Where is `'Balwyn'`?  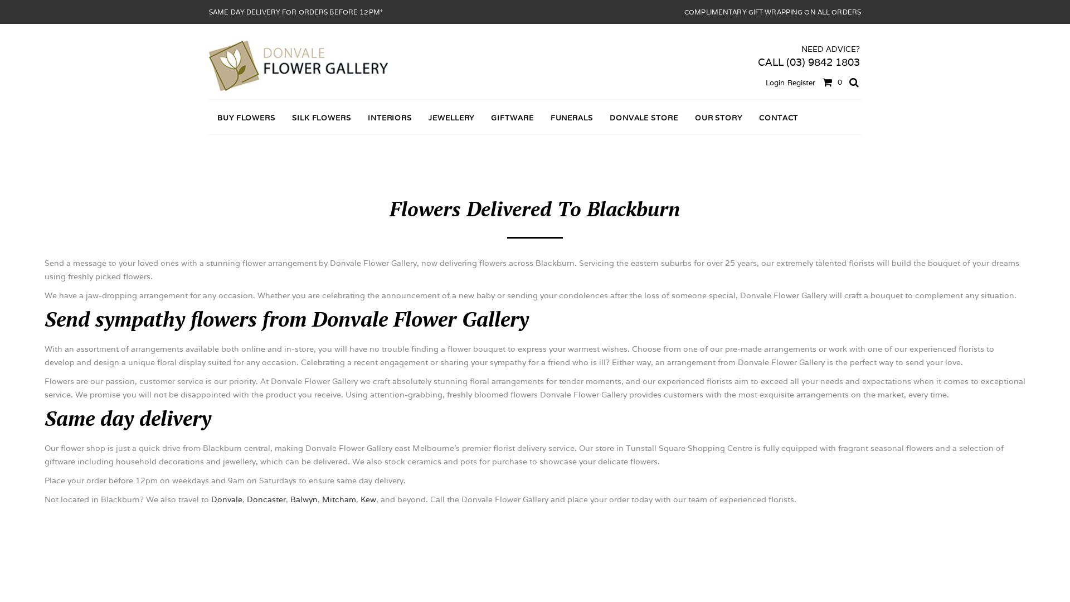 'Balwyn' is located at coordinates (304, 498).